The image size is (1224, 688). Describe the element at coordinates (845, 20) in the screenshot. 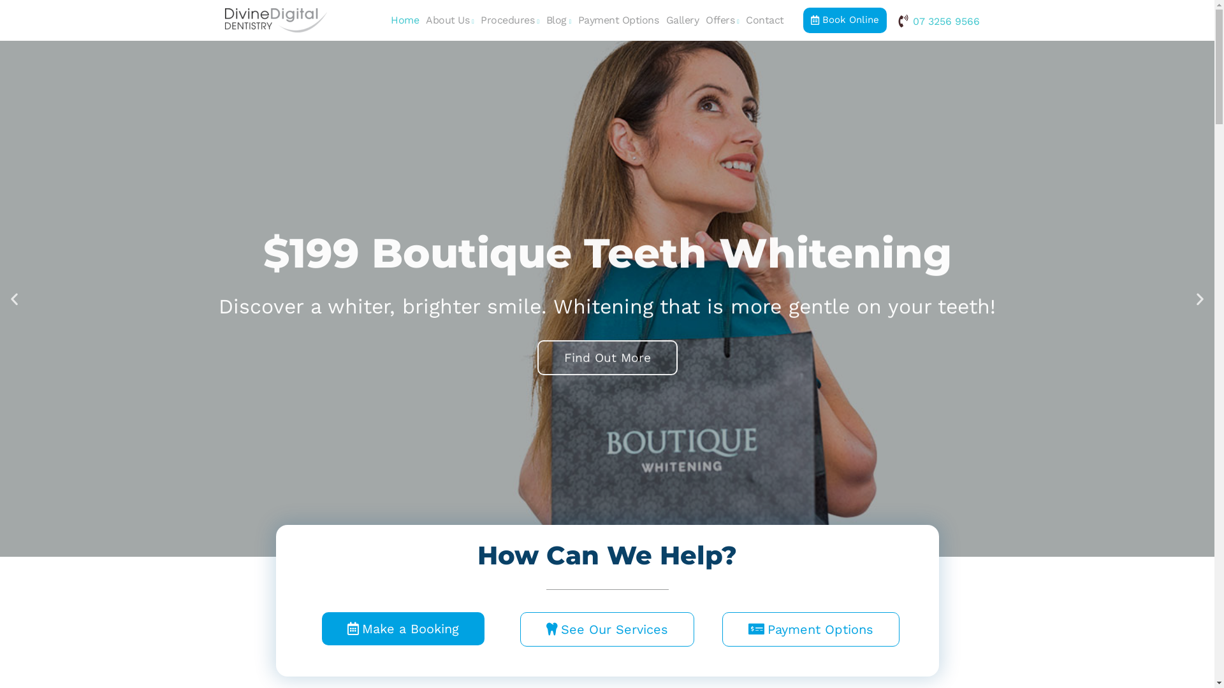

I see `'Book Online'` at that location.